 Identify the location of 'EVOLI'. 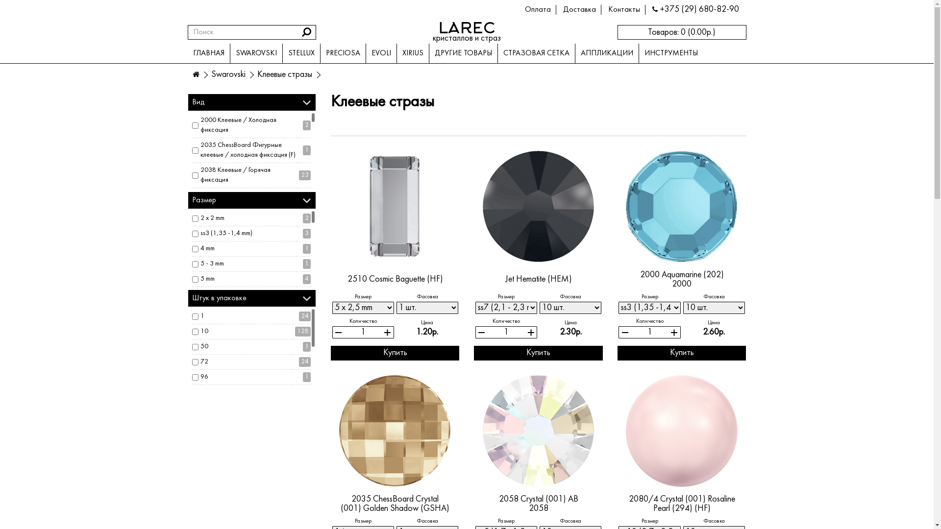
(380, 53).